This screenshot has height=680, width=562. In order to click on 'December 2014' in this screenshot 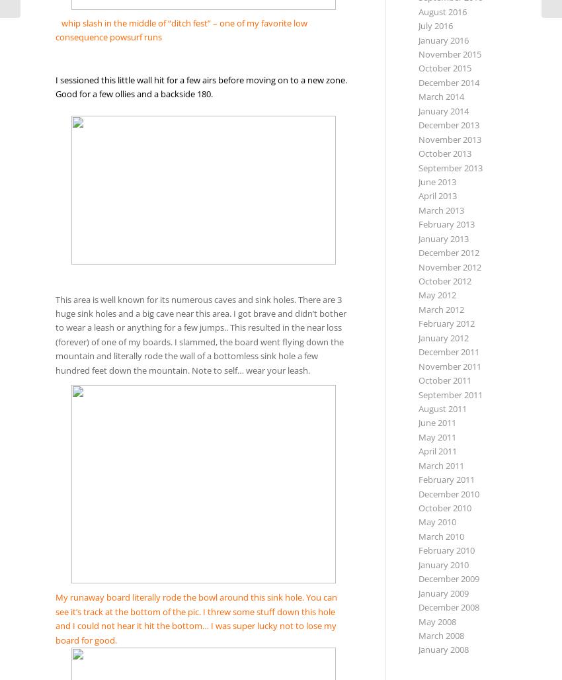, I will do `click(448, 81)`.